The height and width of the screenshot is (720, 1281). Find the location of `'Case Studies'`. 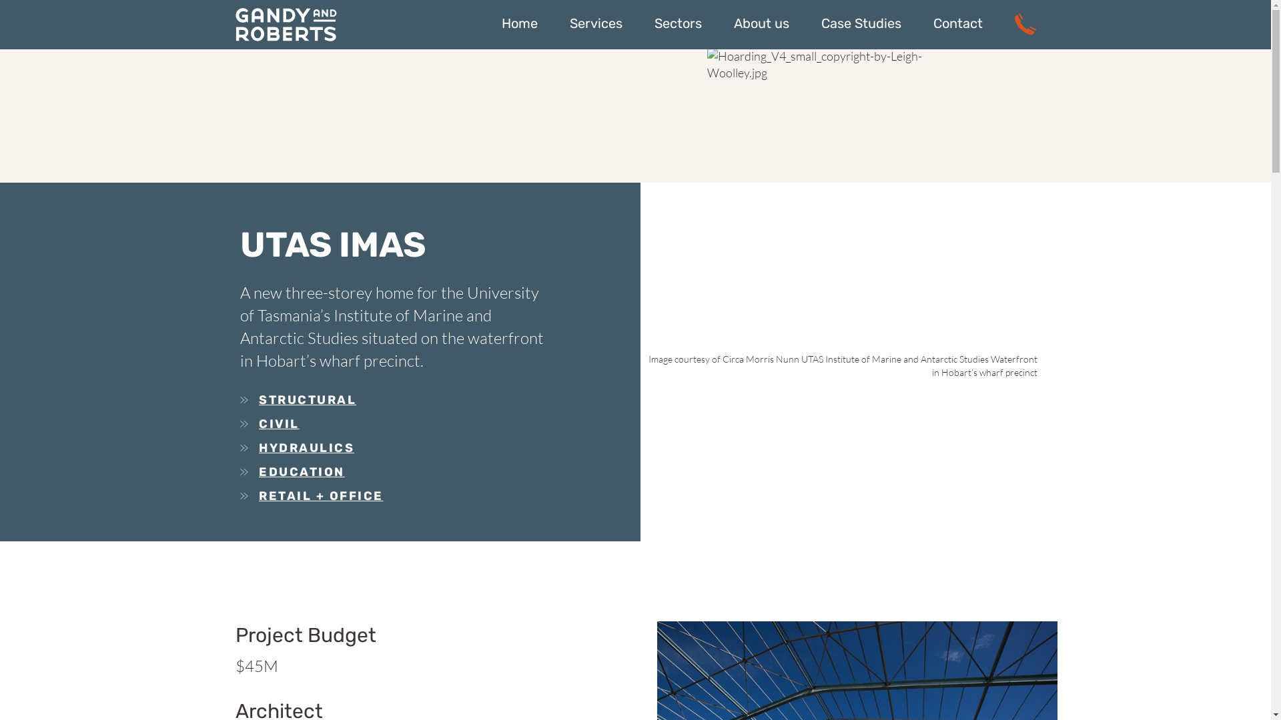

'Case Studies' is located at coordinates (861, 23).